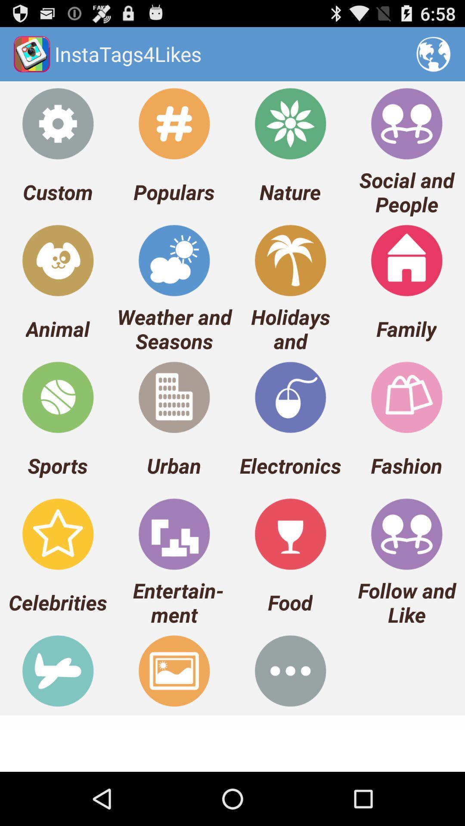 Image resolution: width=465 pixels, height=826 pixels. Describe the element at coordinates (58, 123) in the screenshot. I see `the icon above custom` at that location.